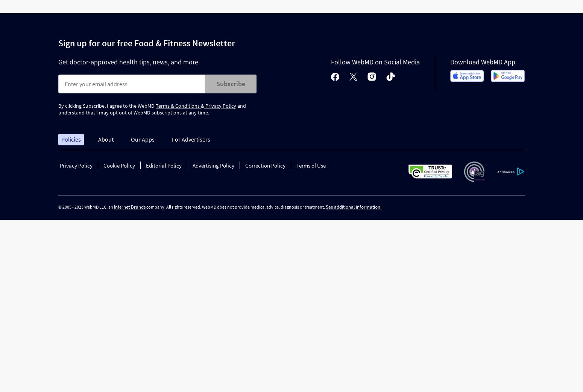 Image resolution: width=583 pixels, height=392 pixels. Describe the element at coordinates (70, 139) in the screenshot. I see `'Policies'` at that location.